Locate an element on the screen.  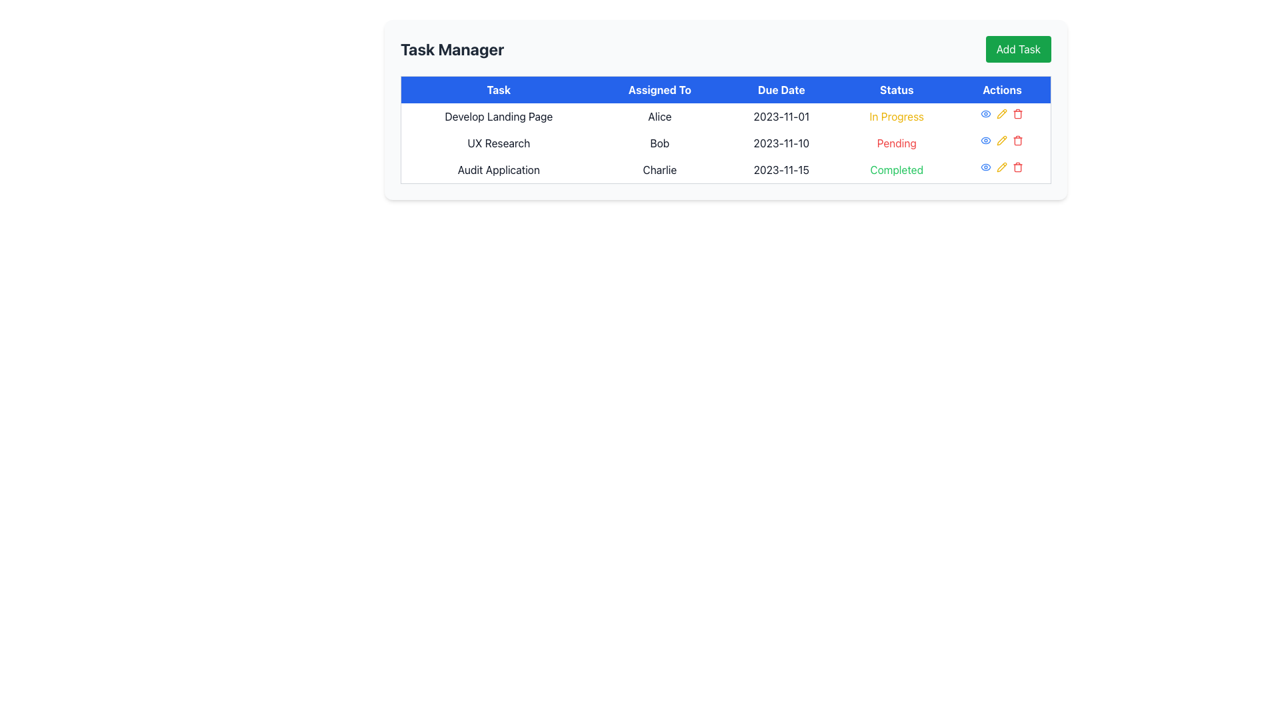
displayed text 'UX Research' from the Text Label located in the second row of the table under the 'Task' column, positioned before 'Bob' and after 'Develop Landing Page' is located at coordinates (498, 143).